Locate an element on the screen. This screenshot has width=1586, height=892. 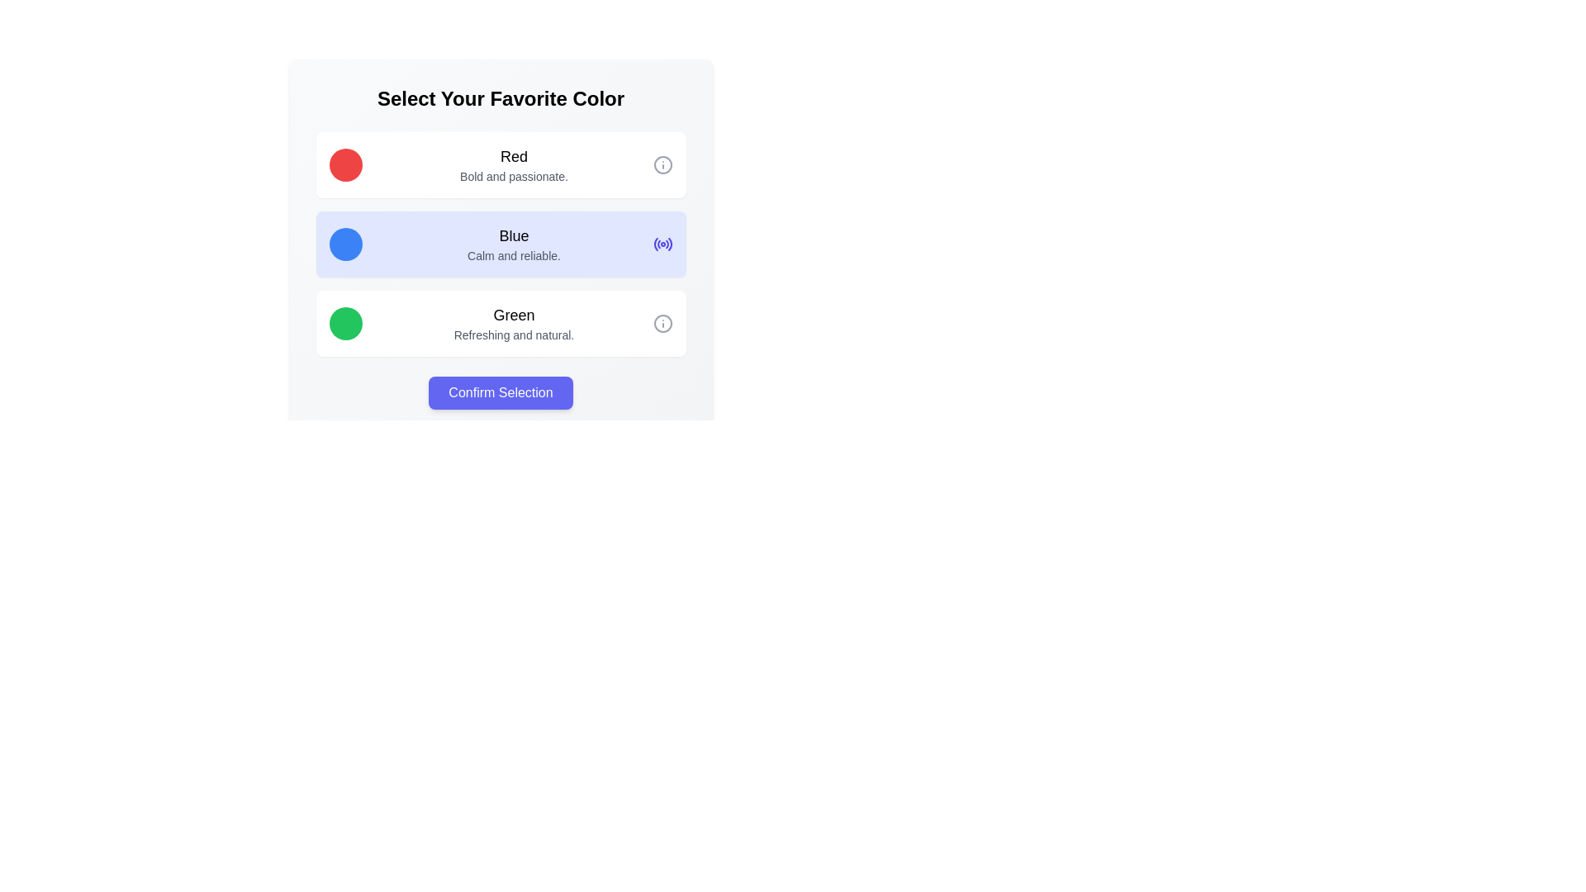
the center text of the selectable card labeled 'Blue - Calm and reliable.' which is the second card in a vertical list of three options is located at coordinates (500, 244).